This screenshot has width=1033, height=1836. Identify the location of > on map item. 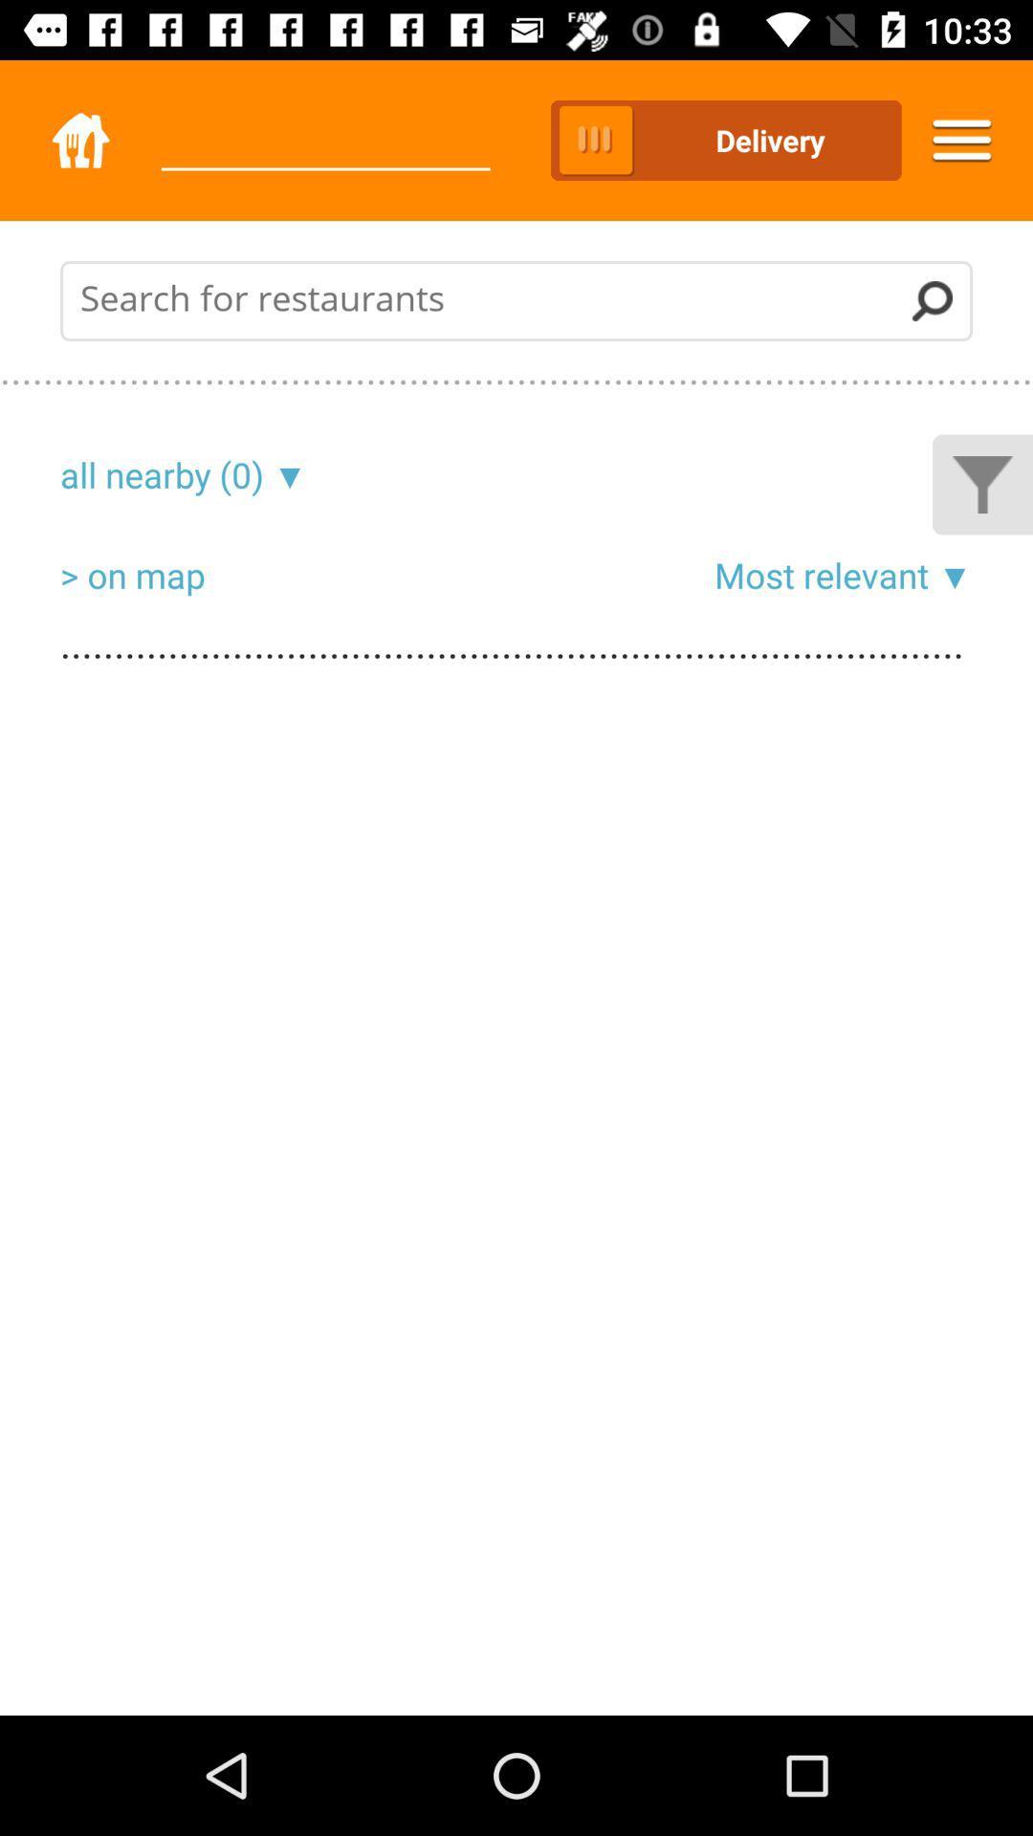
(131, 574).